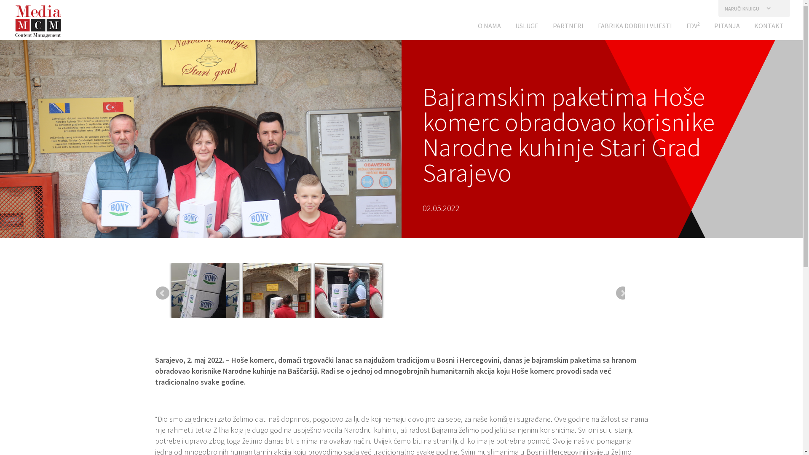  Describe the element at coordinates (526, 27) in the screenshot. I see `'USLUGE'` at that location.